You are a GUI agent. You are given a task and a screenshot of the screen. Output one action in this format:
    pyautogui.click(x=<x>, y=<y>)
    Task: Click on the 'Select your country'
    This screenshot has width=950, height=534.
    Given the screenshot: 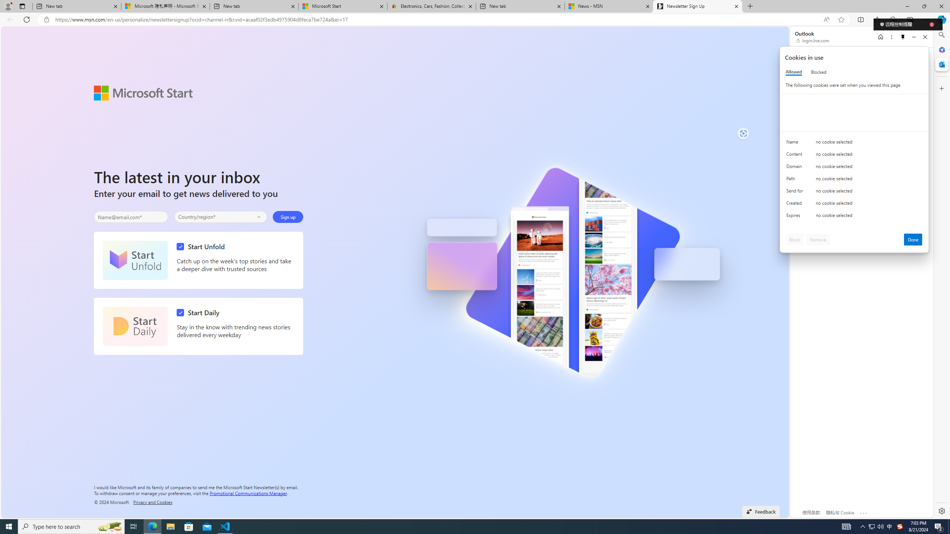 What is the action you would take?
    pyautogui.click(x=221, y=217)
    